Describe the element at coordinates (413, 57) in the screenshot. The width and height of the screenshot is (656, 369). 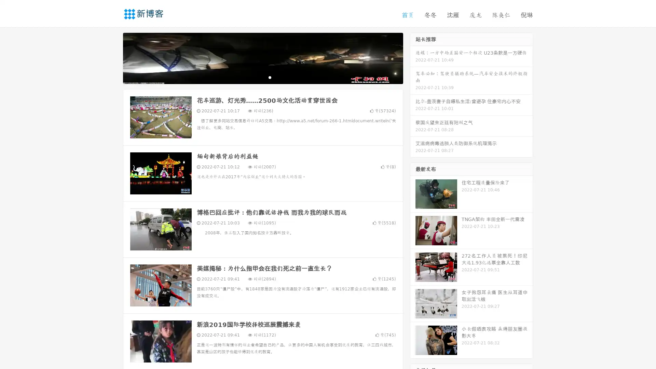
I see `Next slide` at that location.